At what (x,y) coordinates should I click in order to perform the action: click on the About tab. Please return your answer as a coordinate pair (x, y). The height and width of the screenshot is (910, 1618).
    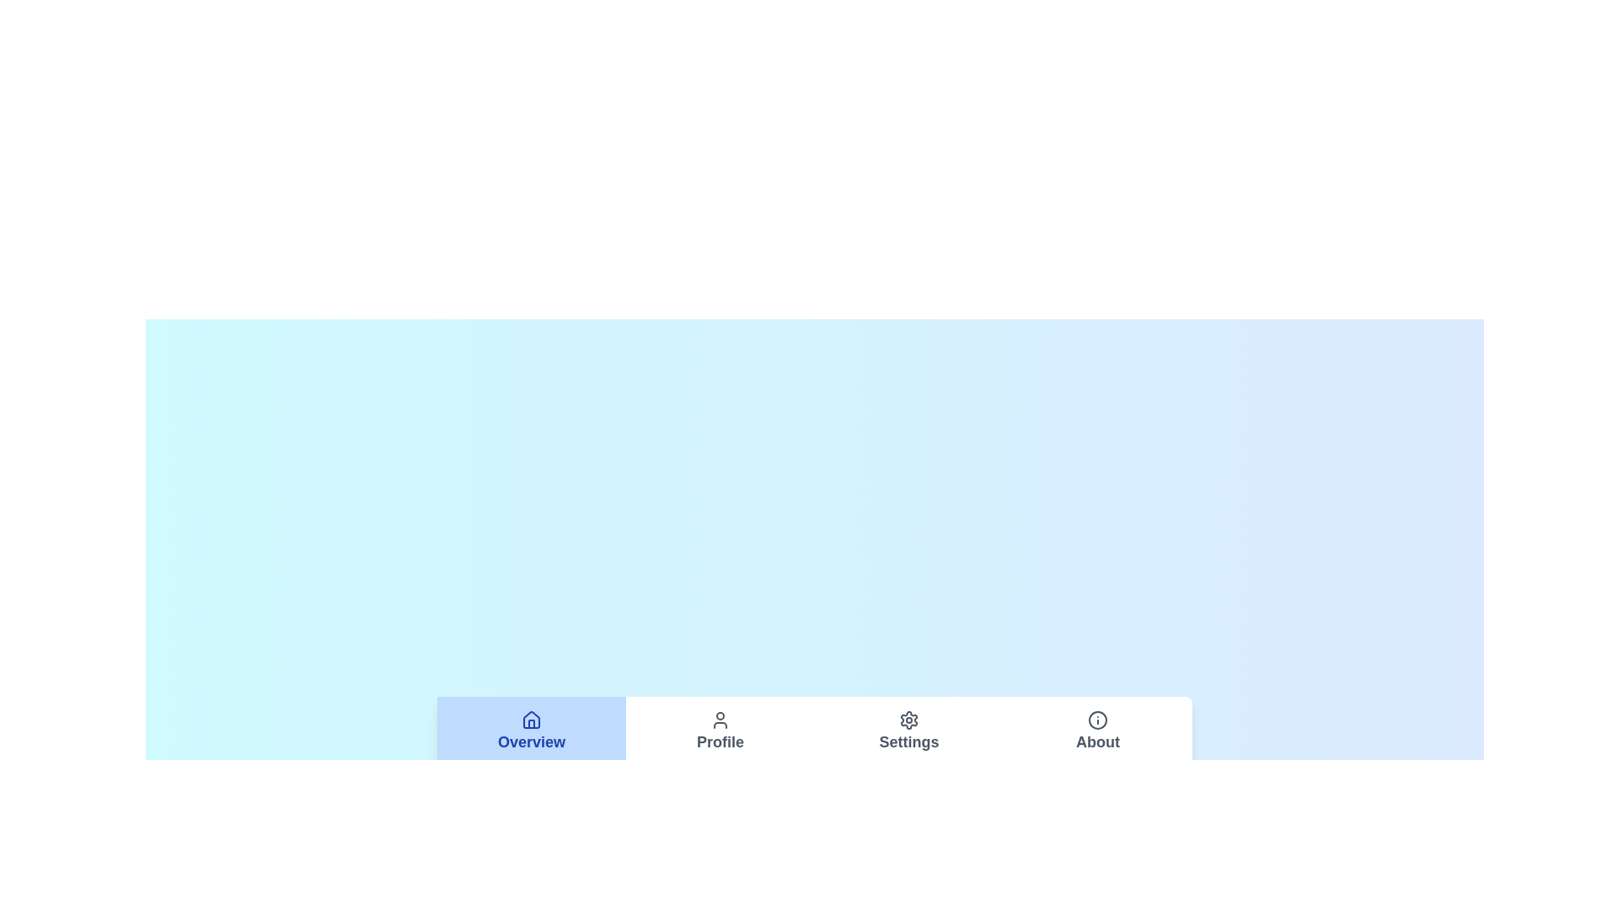
    Looking at the image, I should click on (1097, 731).